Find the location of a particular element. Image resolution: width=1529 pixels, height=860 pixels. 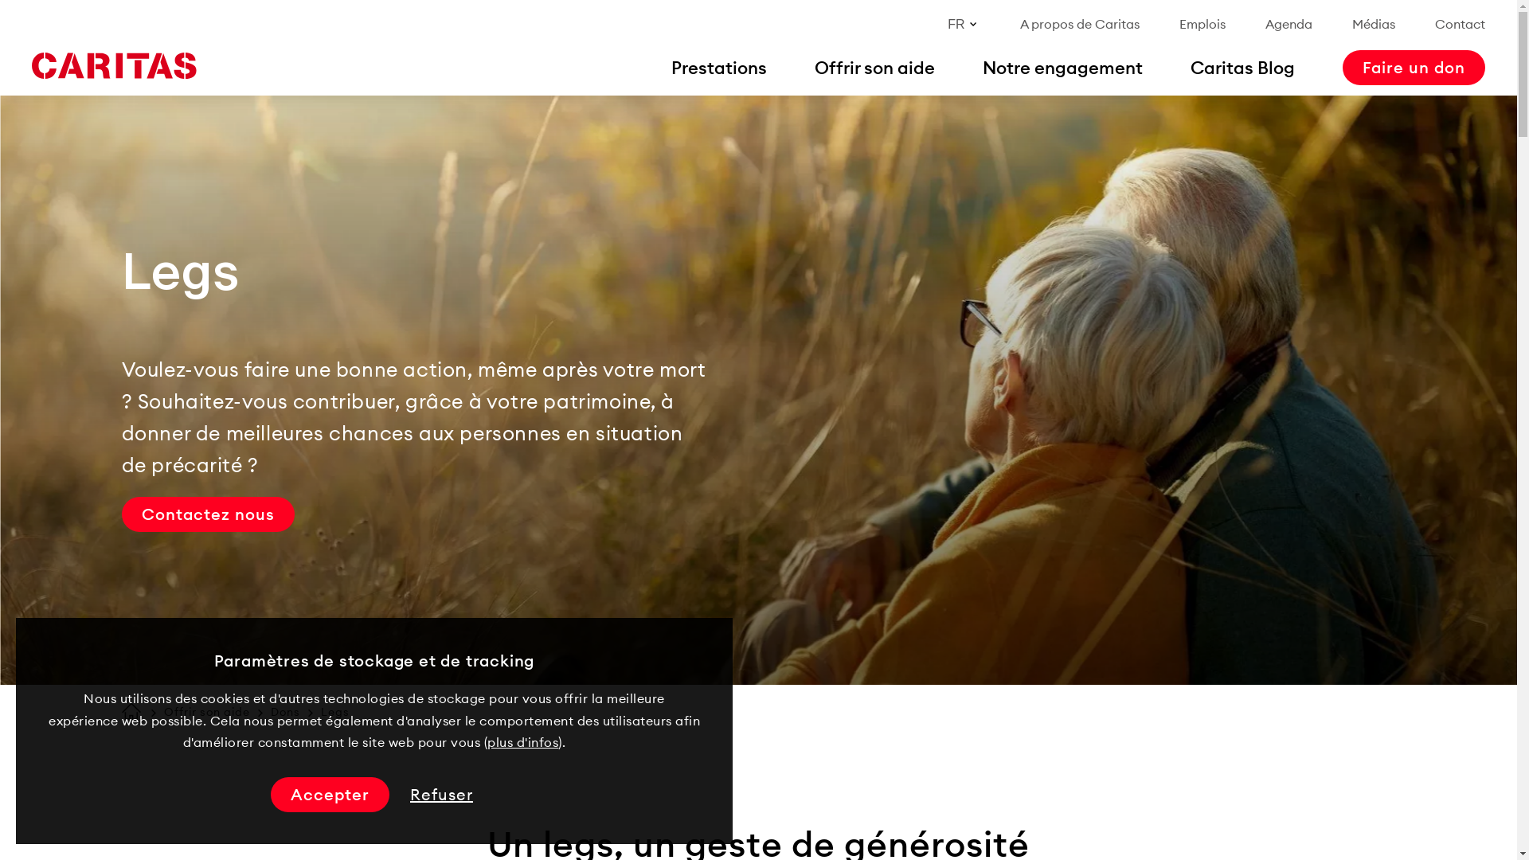

'plus d'infos' is located at coordinates (522, 742).